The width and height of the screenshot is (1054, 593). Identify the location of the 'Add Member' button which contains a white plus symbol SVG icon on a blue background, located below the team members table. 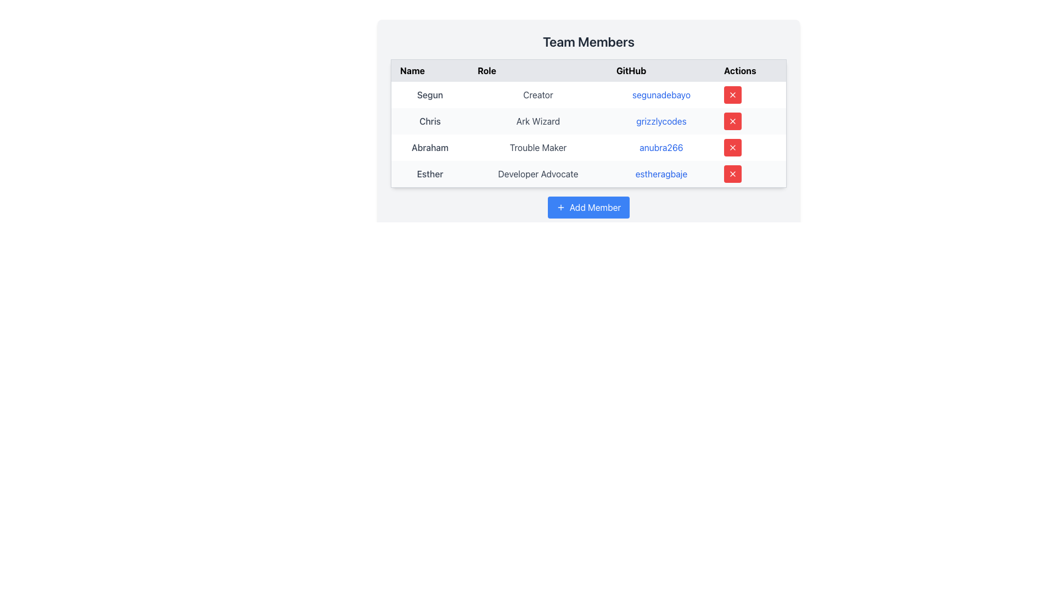
(560, 208).